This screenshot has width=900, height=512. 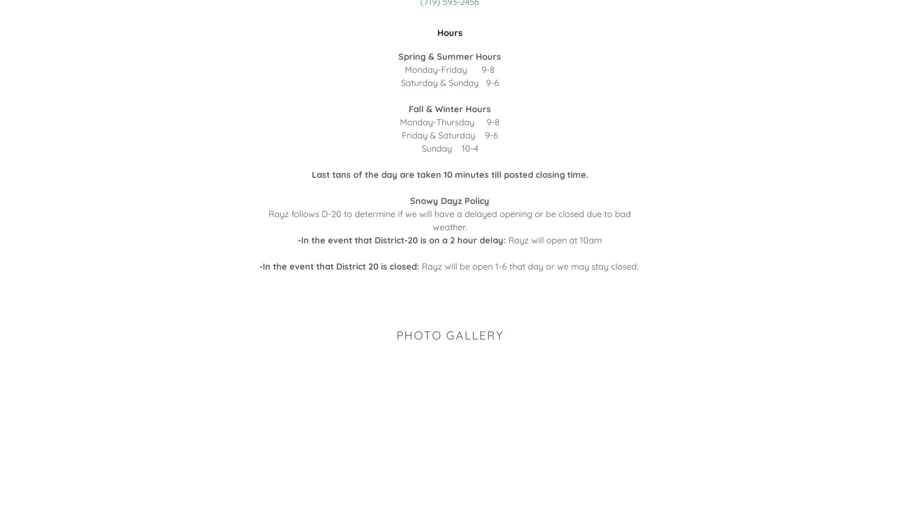 I want to click on 'Saturday & Sunday   9-6', so click(x=400, y=82).